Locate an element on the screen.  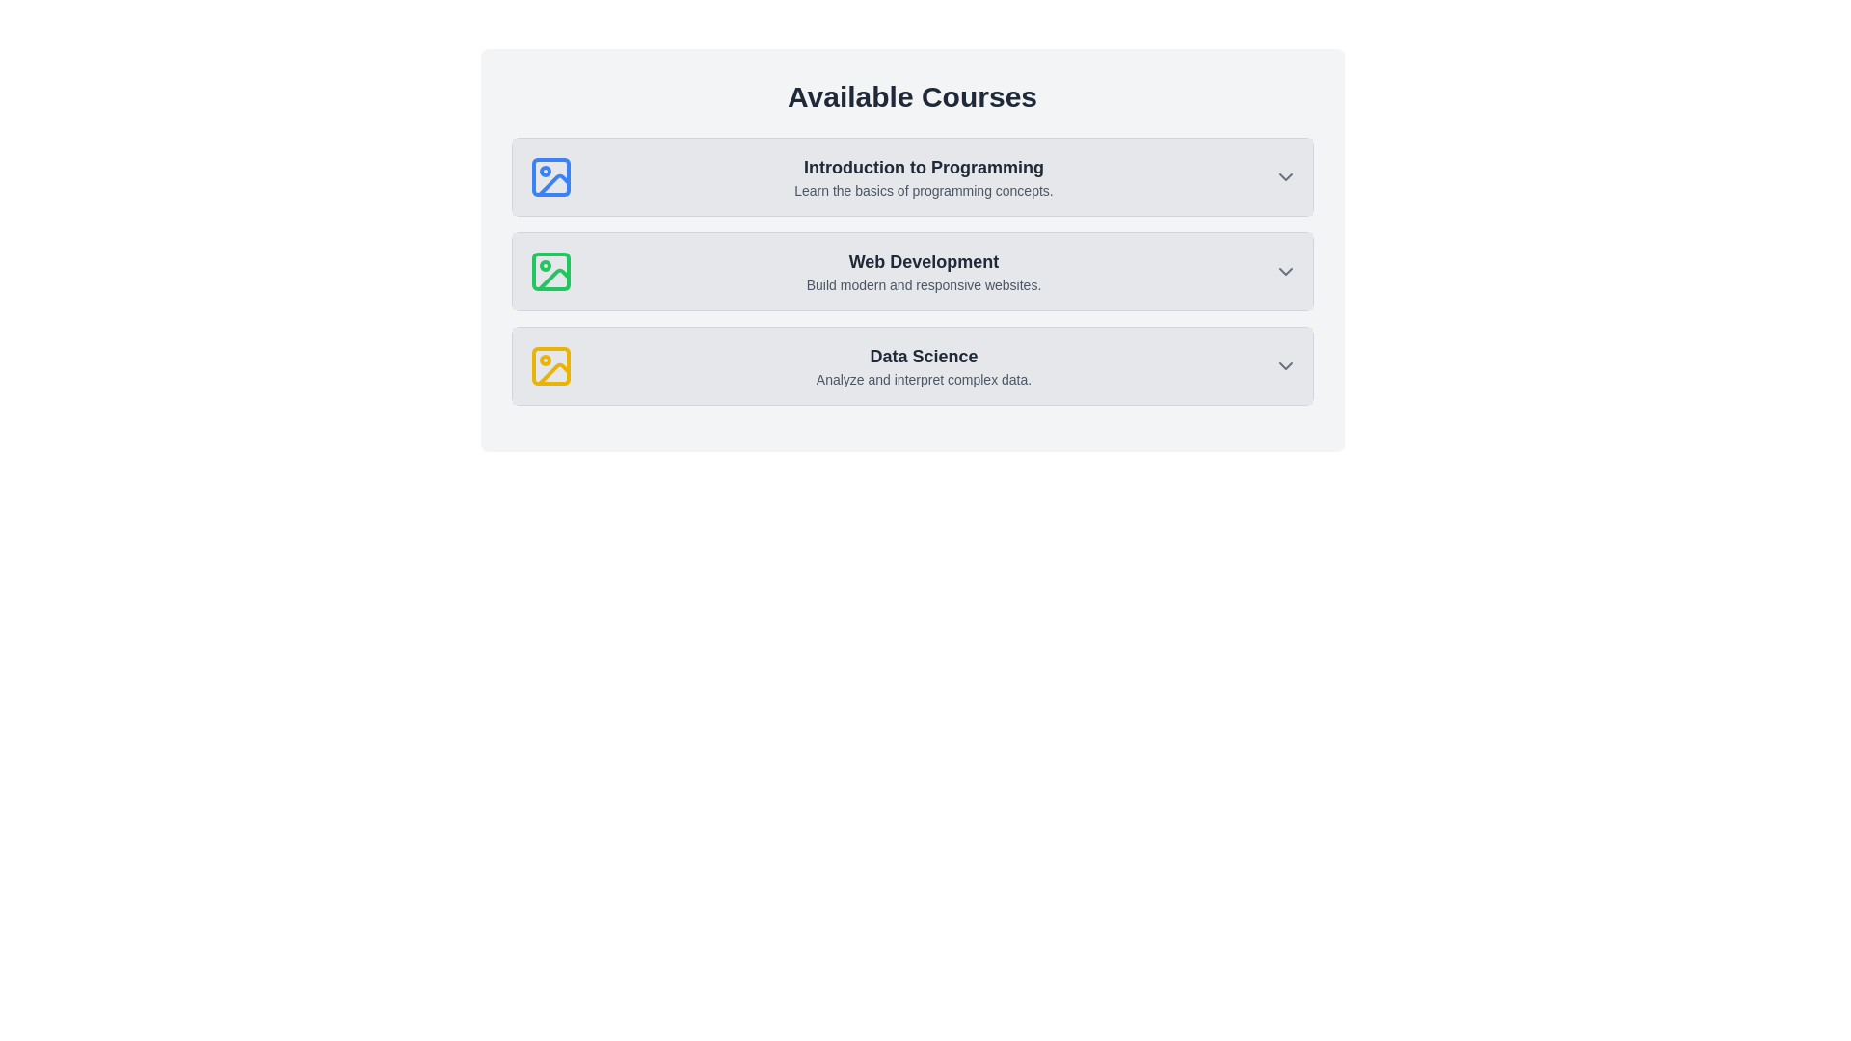
the green-outlined rectangle representing the 'Web Development' theme in the course icon, which is the second option in the vertical list of courses is located at coordinates (550, 271).